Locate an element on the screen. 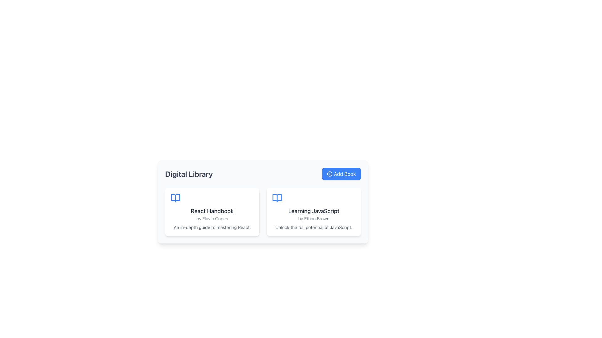 Image resolution: width=602 pixels, height=338 pixels. the text label that reads 'by Ethan Brown,' which is styled with a small font size and gray color, located below the title 'Learning JavaScript' in the right card of the 'Digital Library' section is located at coordinates (314, 218).